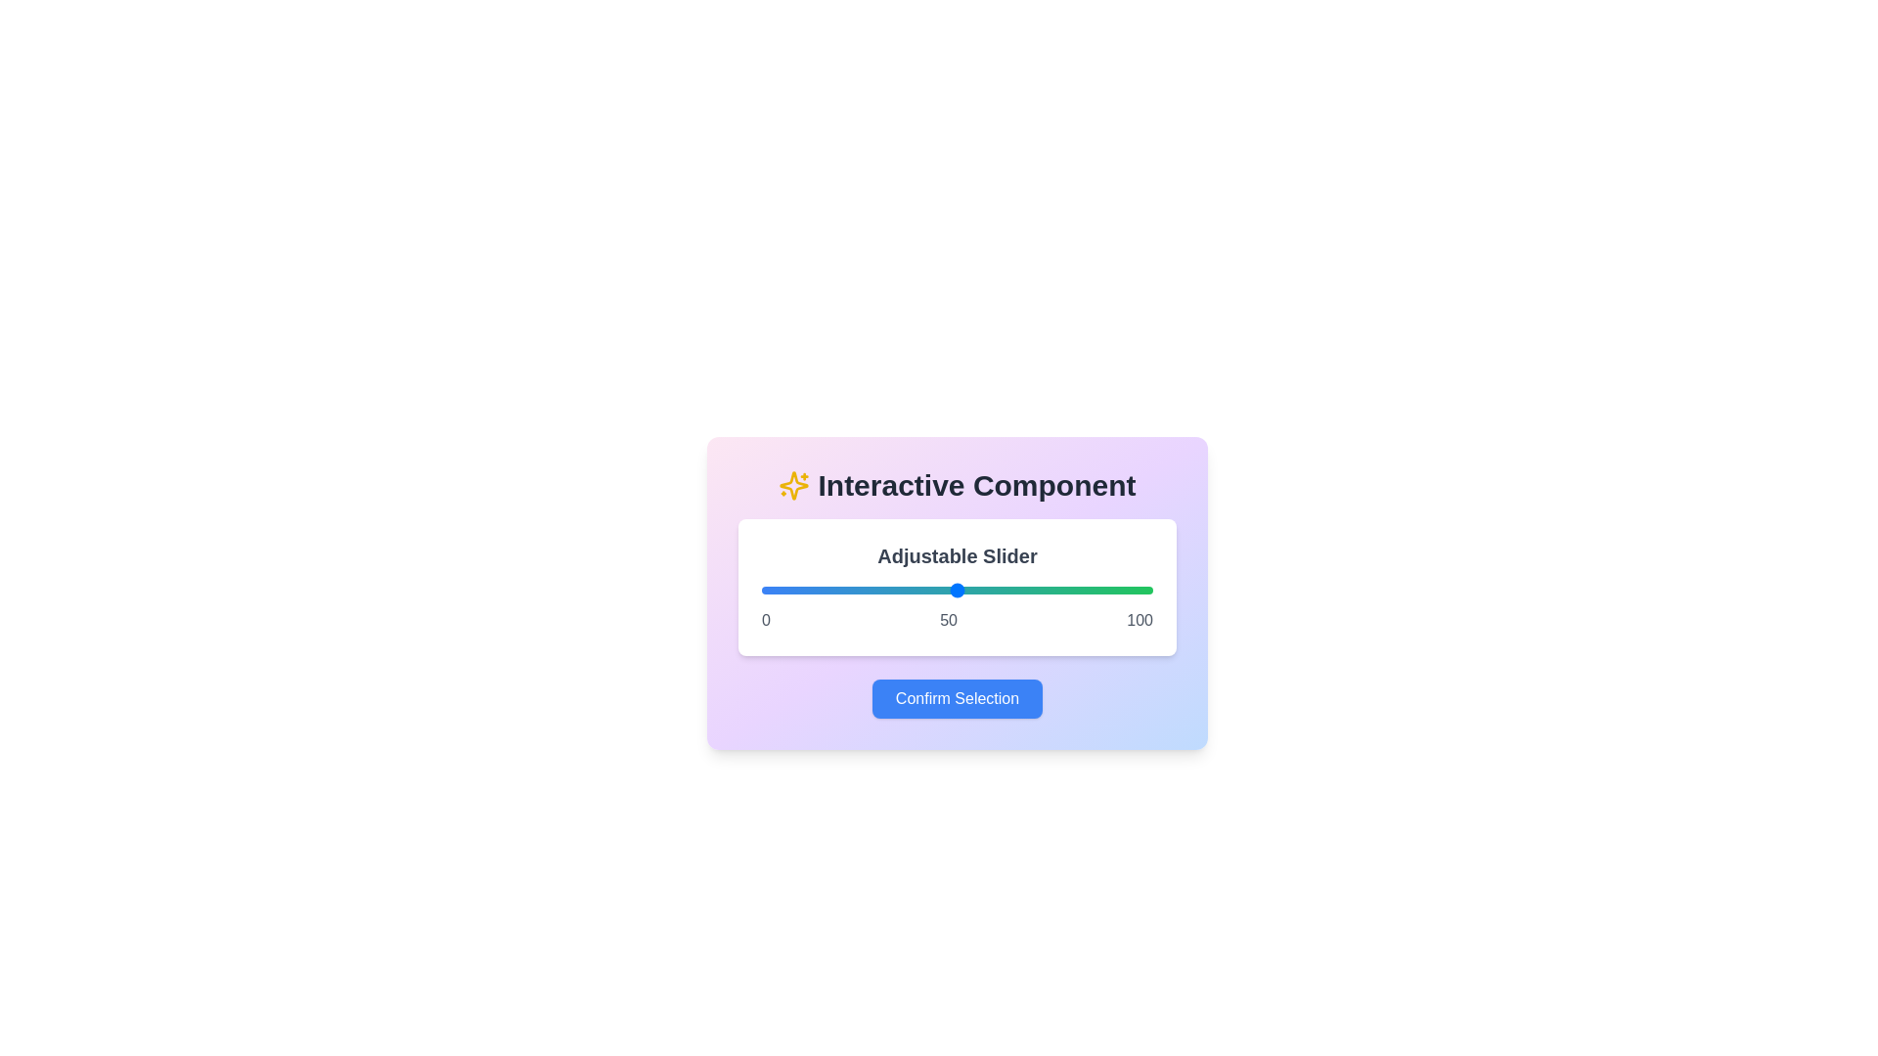 This screenshot has height=1056, width=1878. What do you see at coordinates (965, 590) in the screenshot?
I see `the slider to a specific value 52` at bounding box center [965, 590].